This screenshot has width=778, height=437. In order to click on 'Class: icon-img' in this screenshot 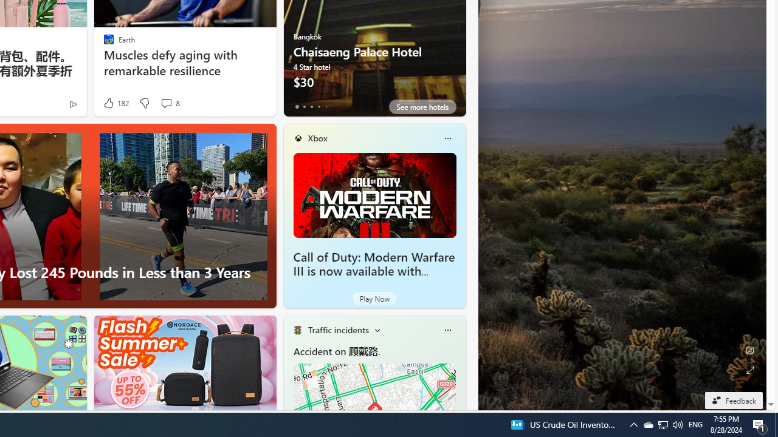, I will do `click(447, 330)`.